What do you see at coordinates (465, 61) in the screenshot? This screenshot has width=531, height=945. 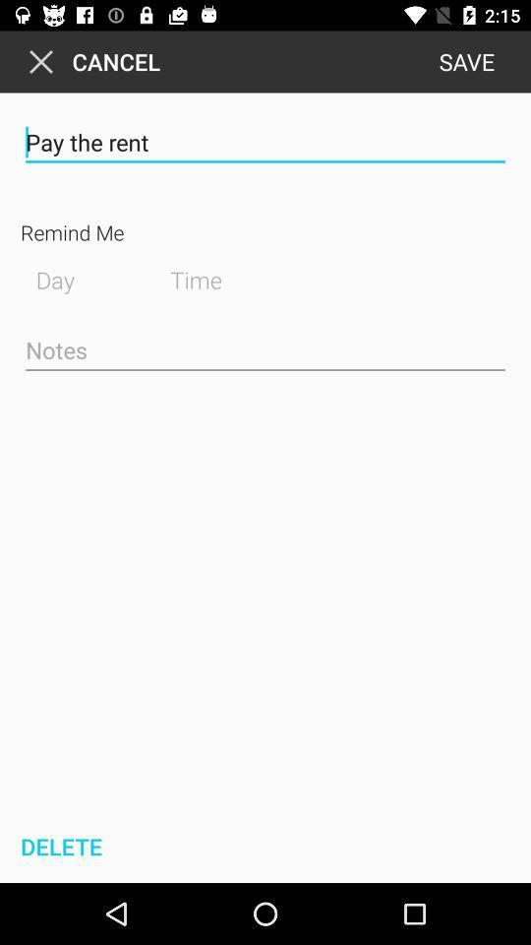 I see `the save icon` at bounding box center [465, 61].